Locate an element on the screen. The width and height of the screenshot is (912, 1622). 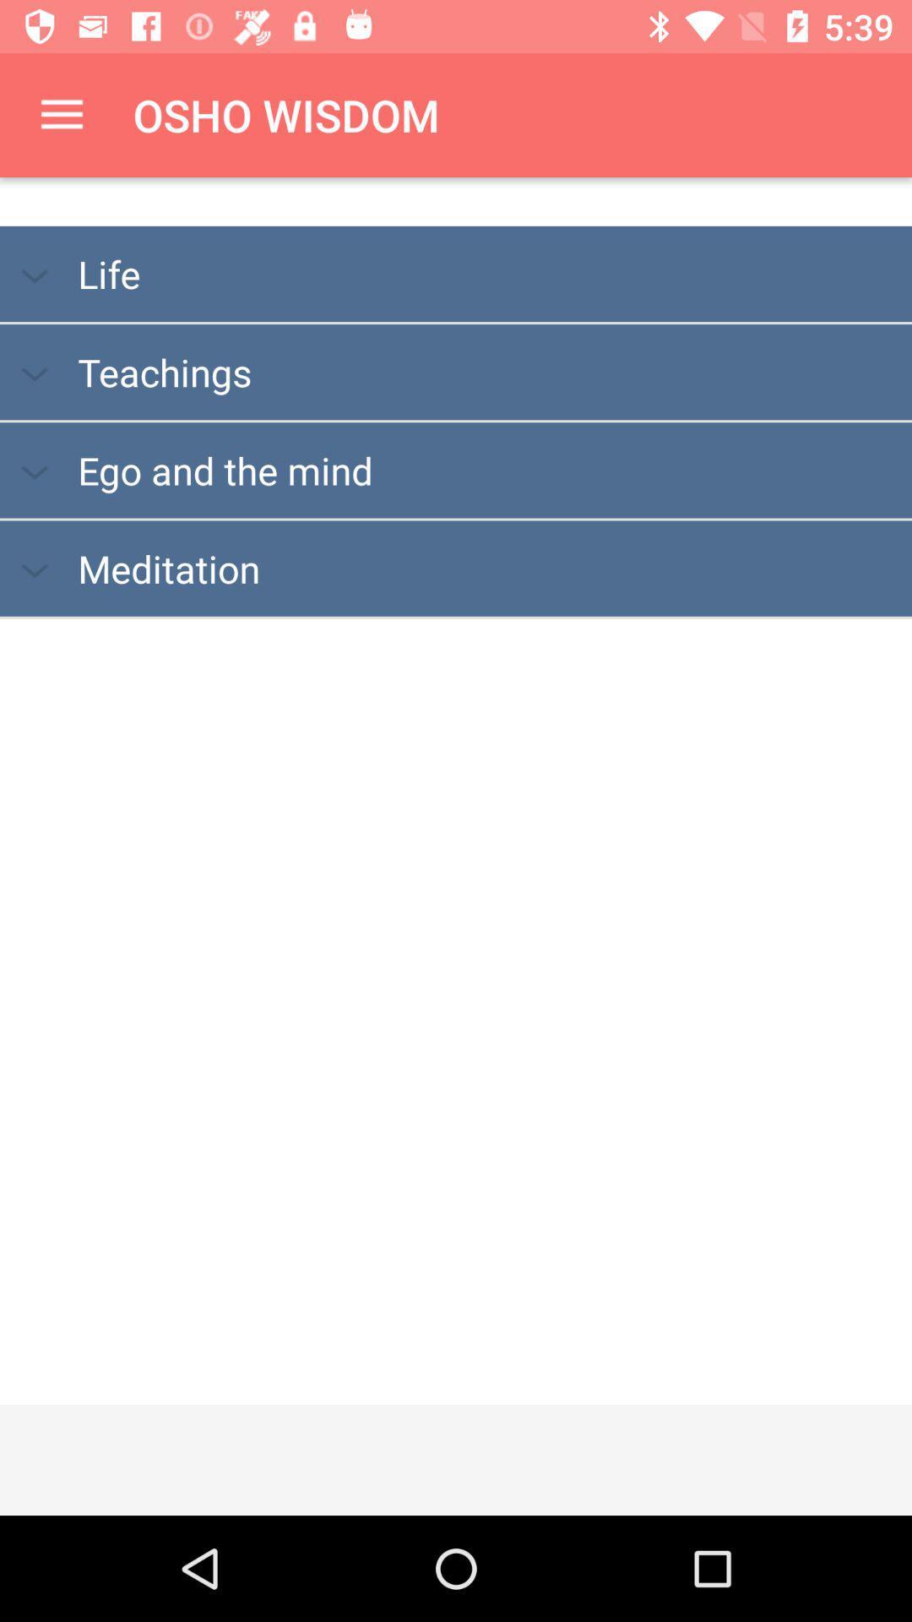
the item next to osho wisdom item is located at coordinates (61, 114).